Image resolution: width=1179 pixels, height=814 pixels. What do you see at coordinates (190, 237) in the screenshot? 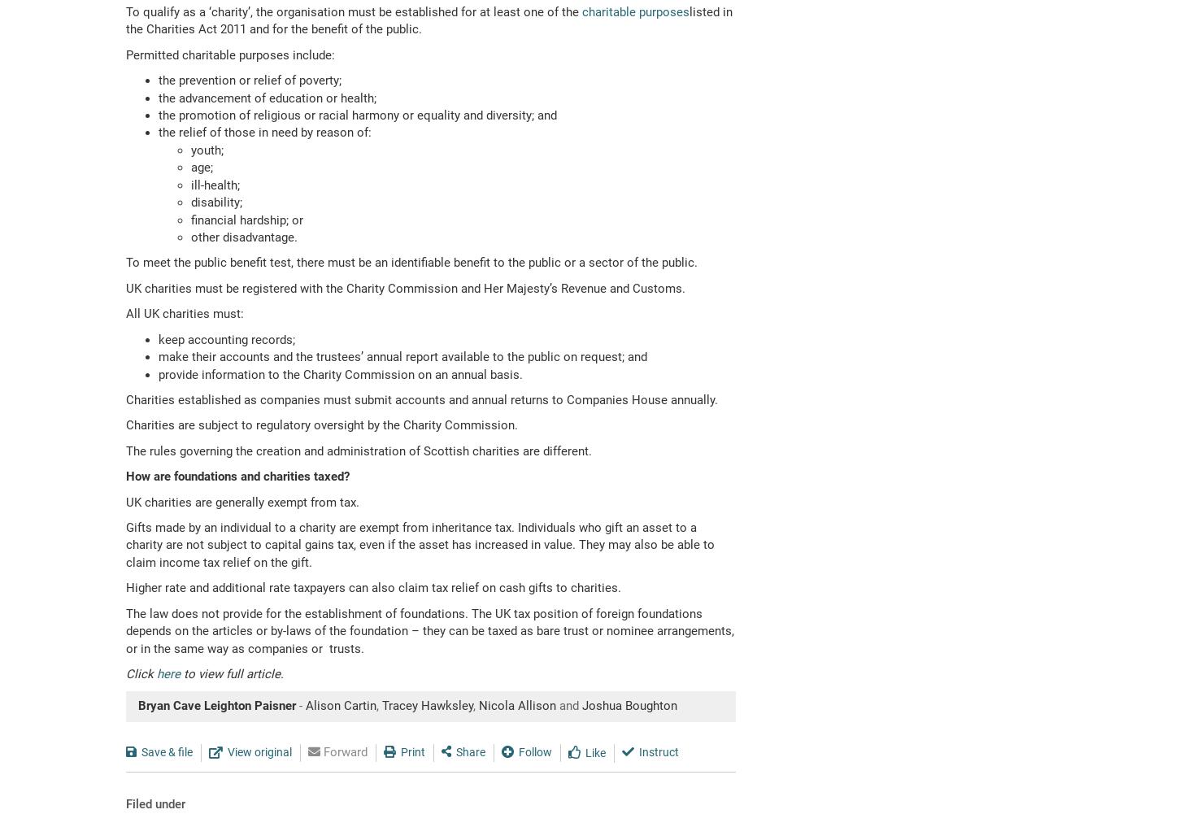
I see `'other disadvantage.'` at bounding box center [190, 237].